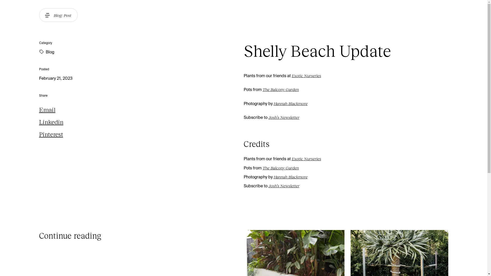 The height and width of the screenshot is (276, 491). I want to click on 'The Balcony Garden', so click(262, 89).